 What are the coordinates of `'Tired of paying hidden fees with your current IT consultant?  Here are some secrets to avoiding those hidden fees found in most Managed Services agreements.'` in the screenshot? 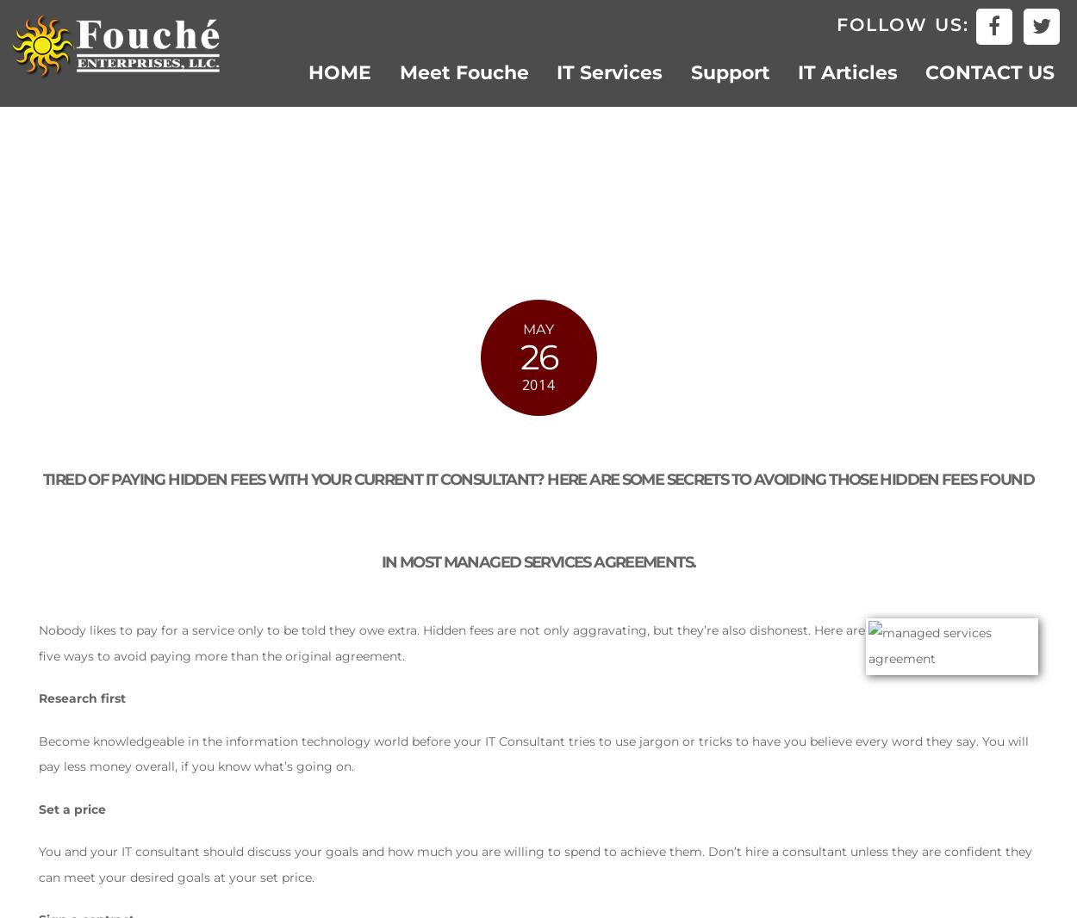 It's located at (537, 518).